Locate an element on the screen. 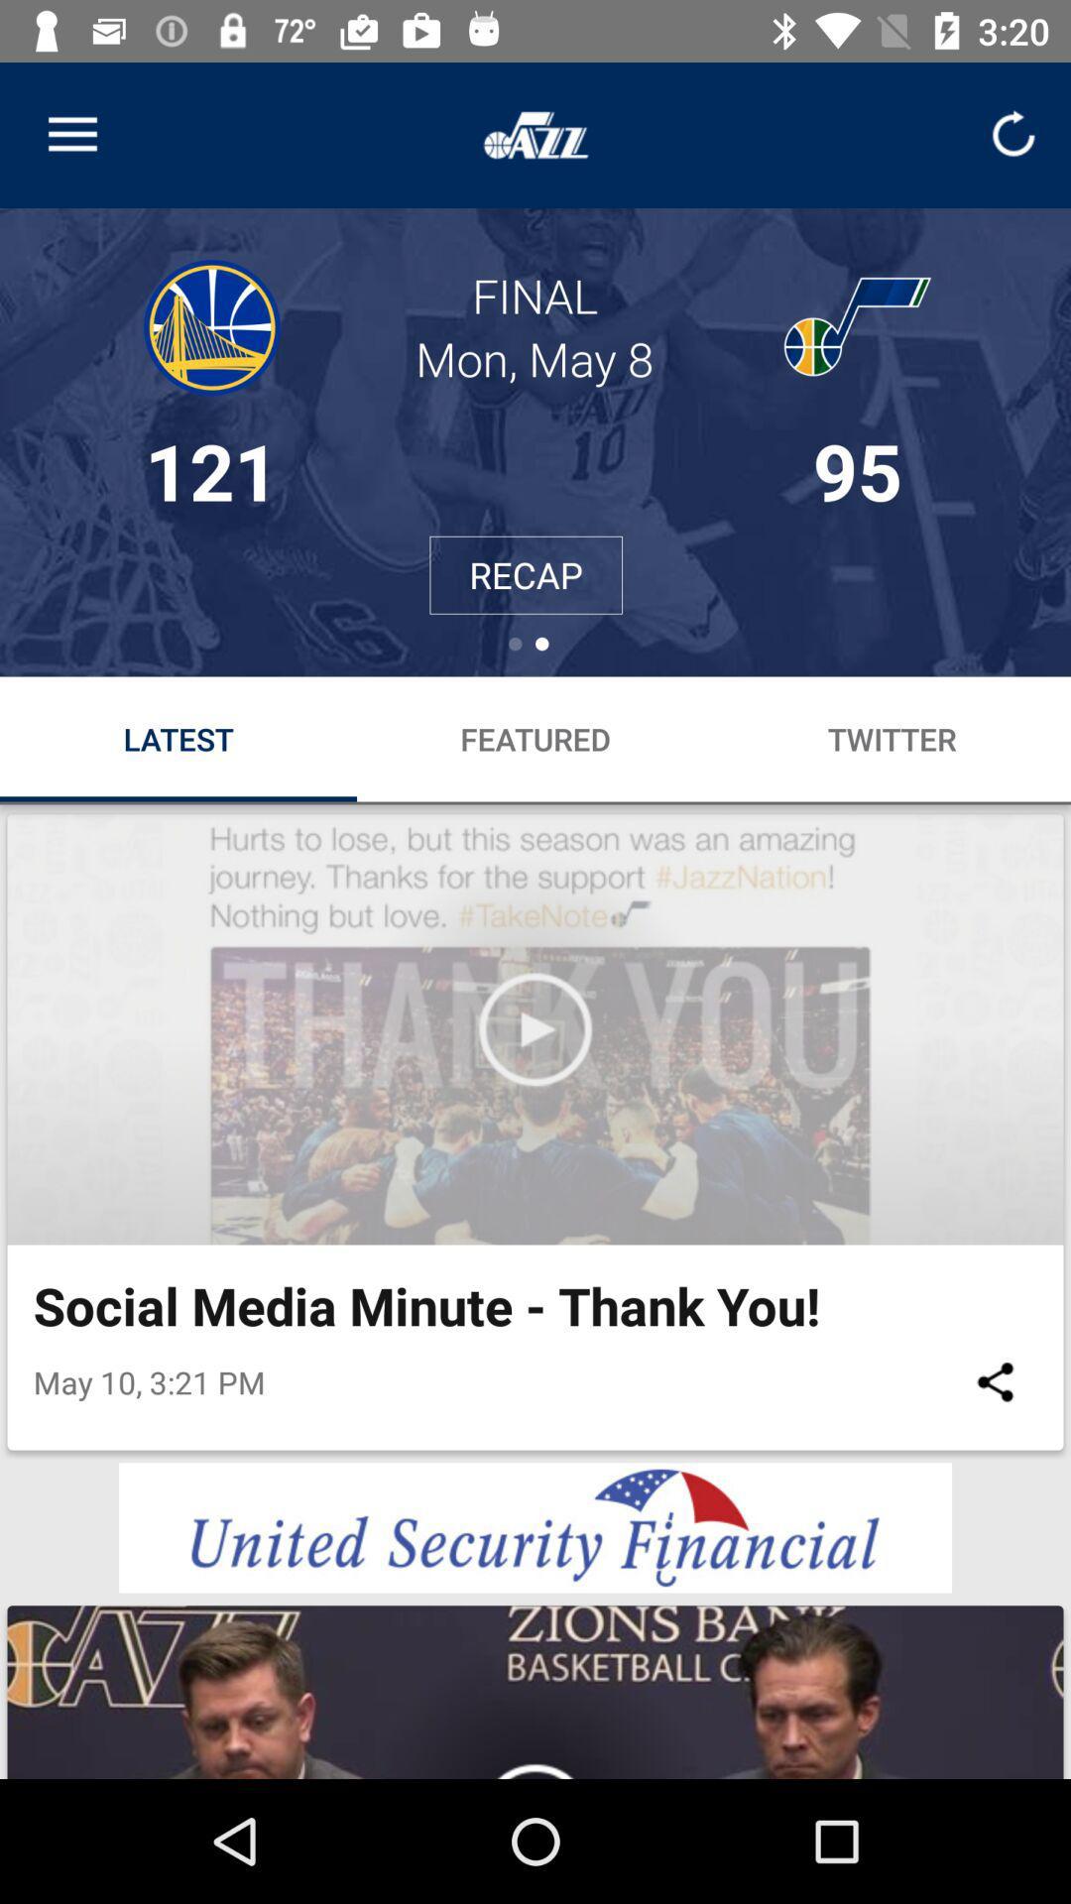 The height and width of the screenshot is (1904, 1071). website name right side to menu icon is located at coordinates (535, 134).